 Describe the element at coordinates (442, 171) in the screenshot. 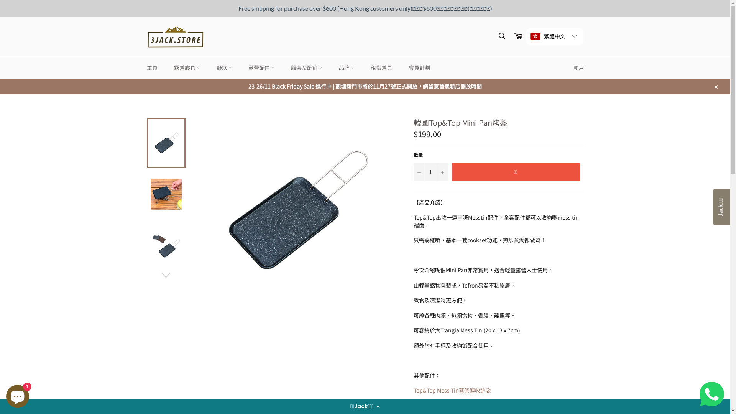

I see `'+'` at that location.